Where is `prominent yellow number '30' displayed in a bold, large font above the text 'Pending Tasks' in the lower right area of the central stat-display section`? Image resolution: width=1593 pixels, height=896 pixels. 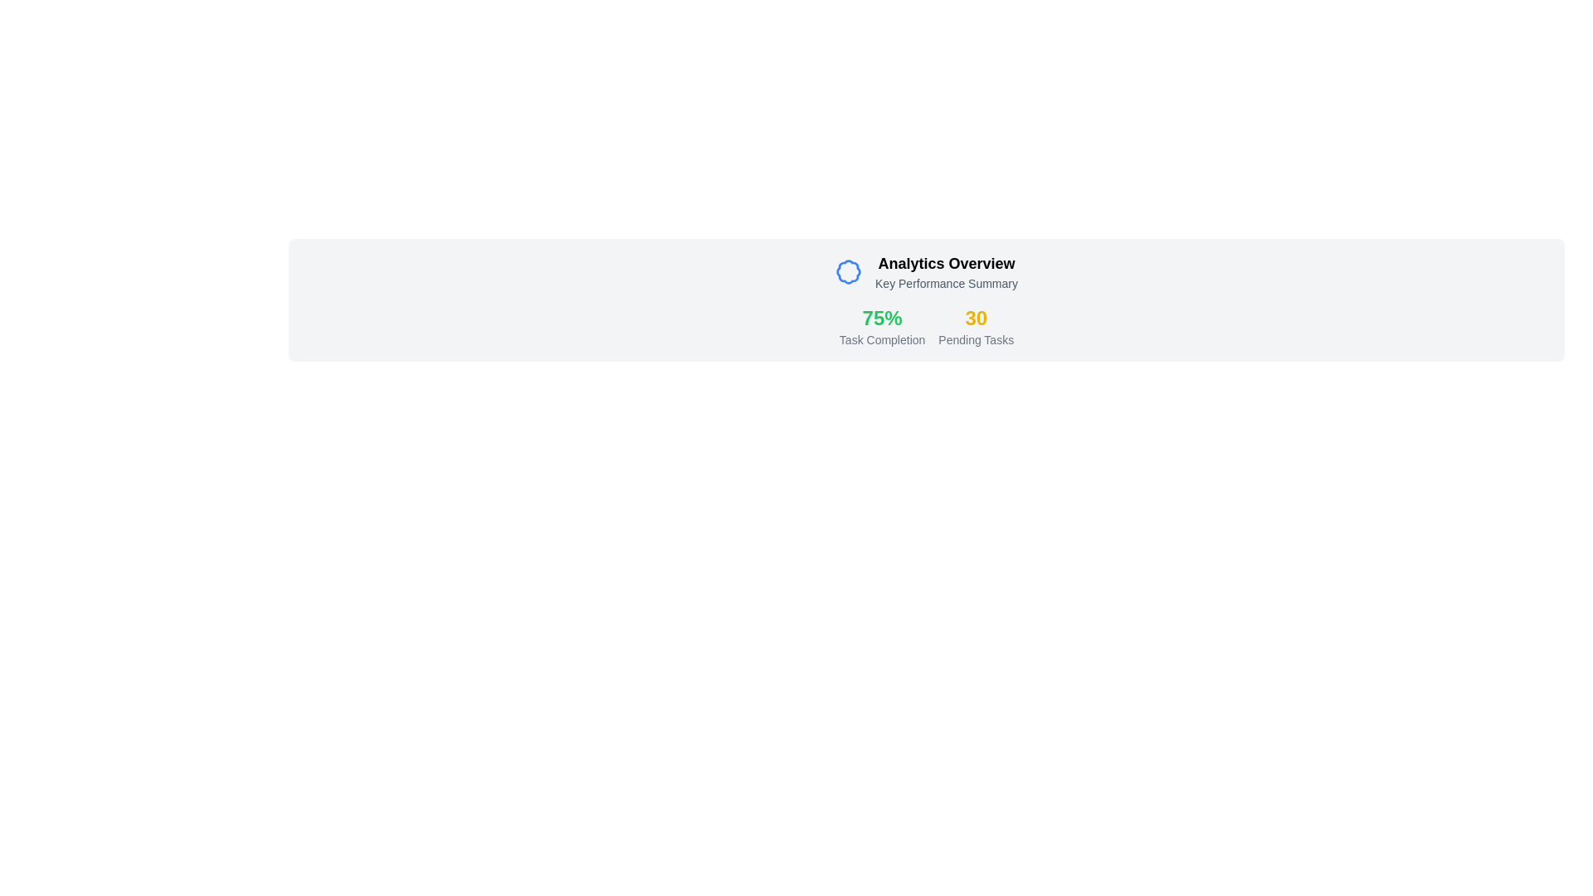
prominent yellow number '30' displayed in a bold, large font above the text 'Pending Tasks' in the lower right area of the central stat-display section is located at coordinates (976, 319).